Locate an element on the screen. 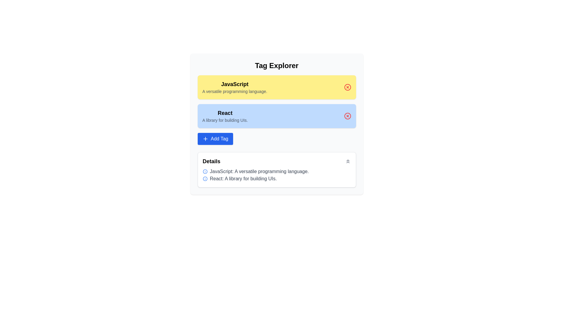 This screenshot has height=324, width=576. text displayed in the descriptive text block located at the top of the yellow-highlighted card, which provides the name and description of a featured programming language, positioned above the blue-highlighted card labeled 'React' is located at coordinates (234, 87).